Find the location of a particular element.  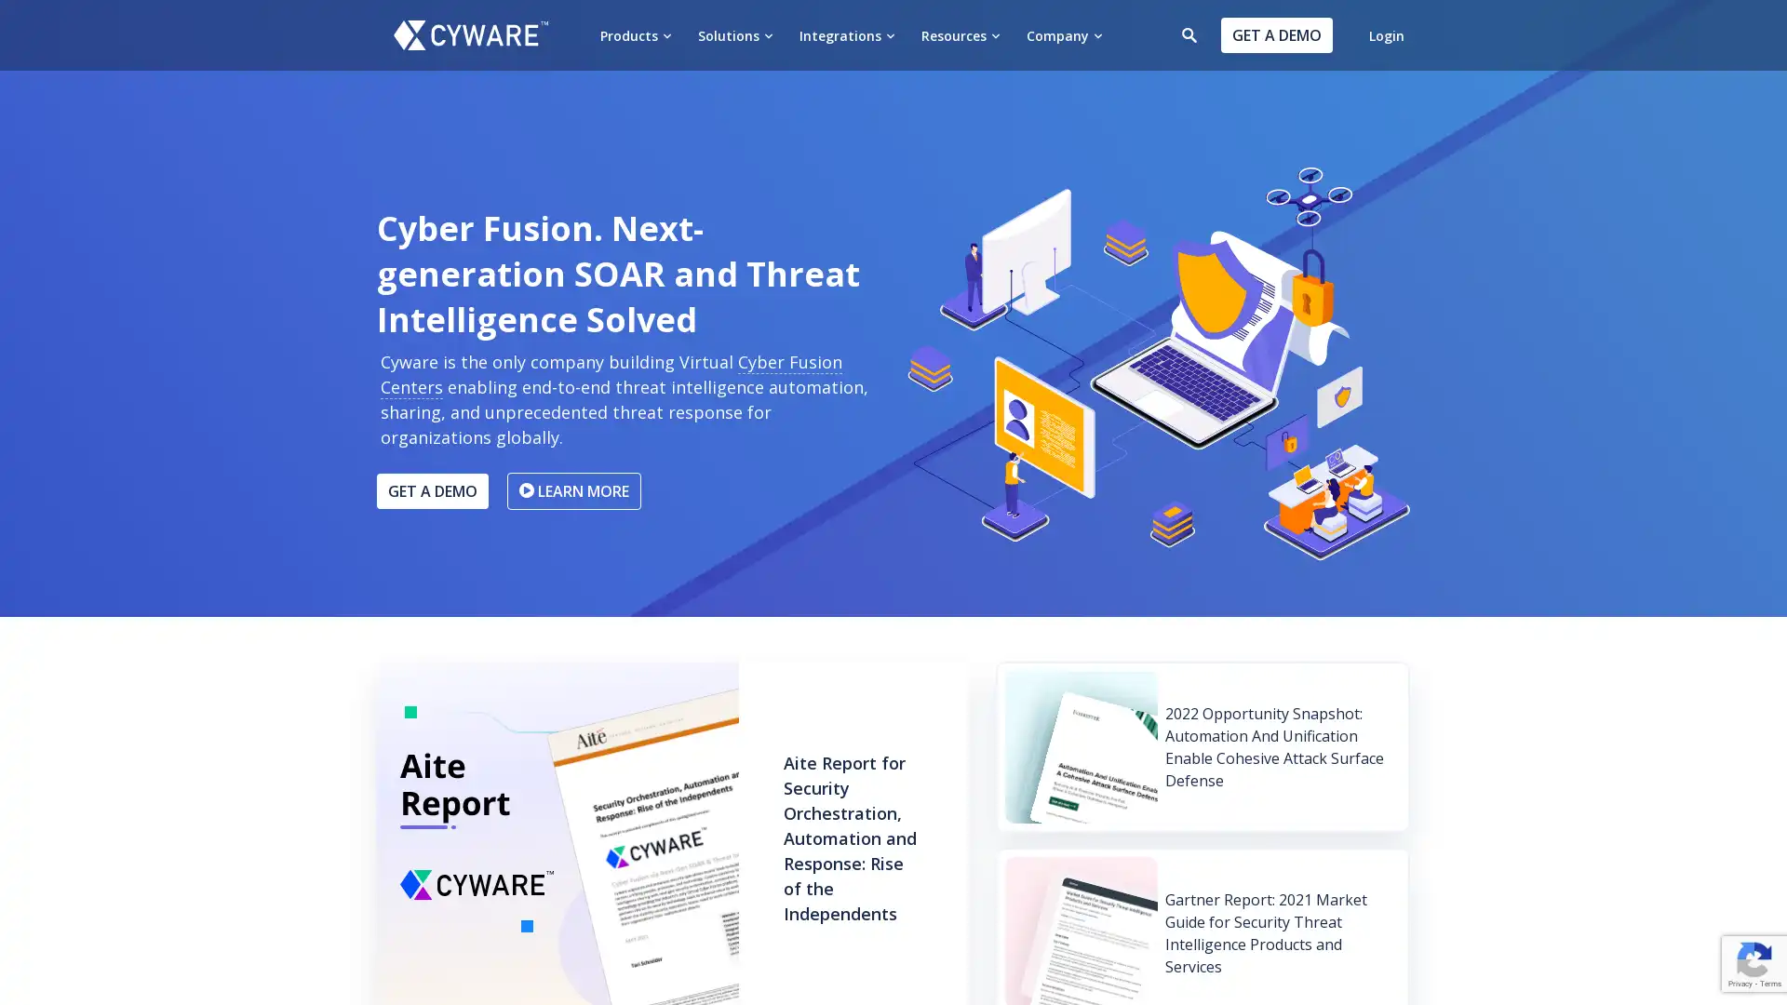

LEARN MORE is located at coordinates (573, 489).